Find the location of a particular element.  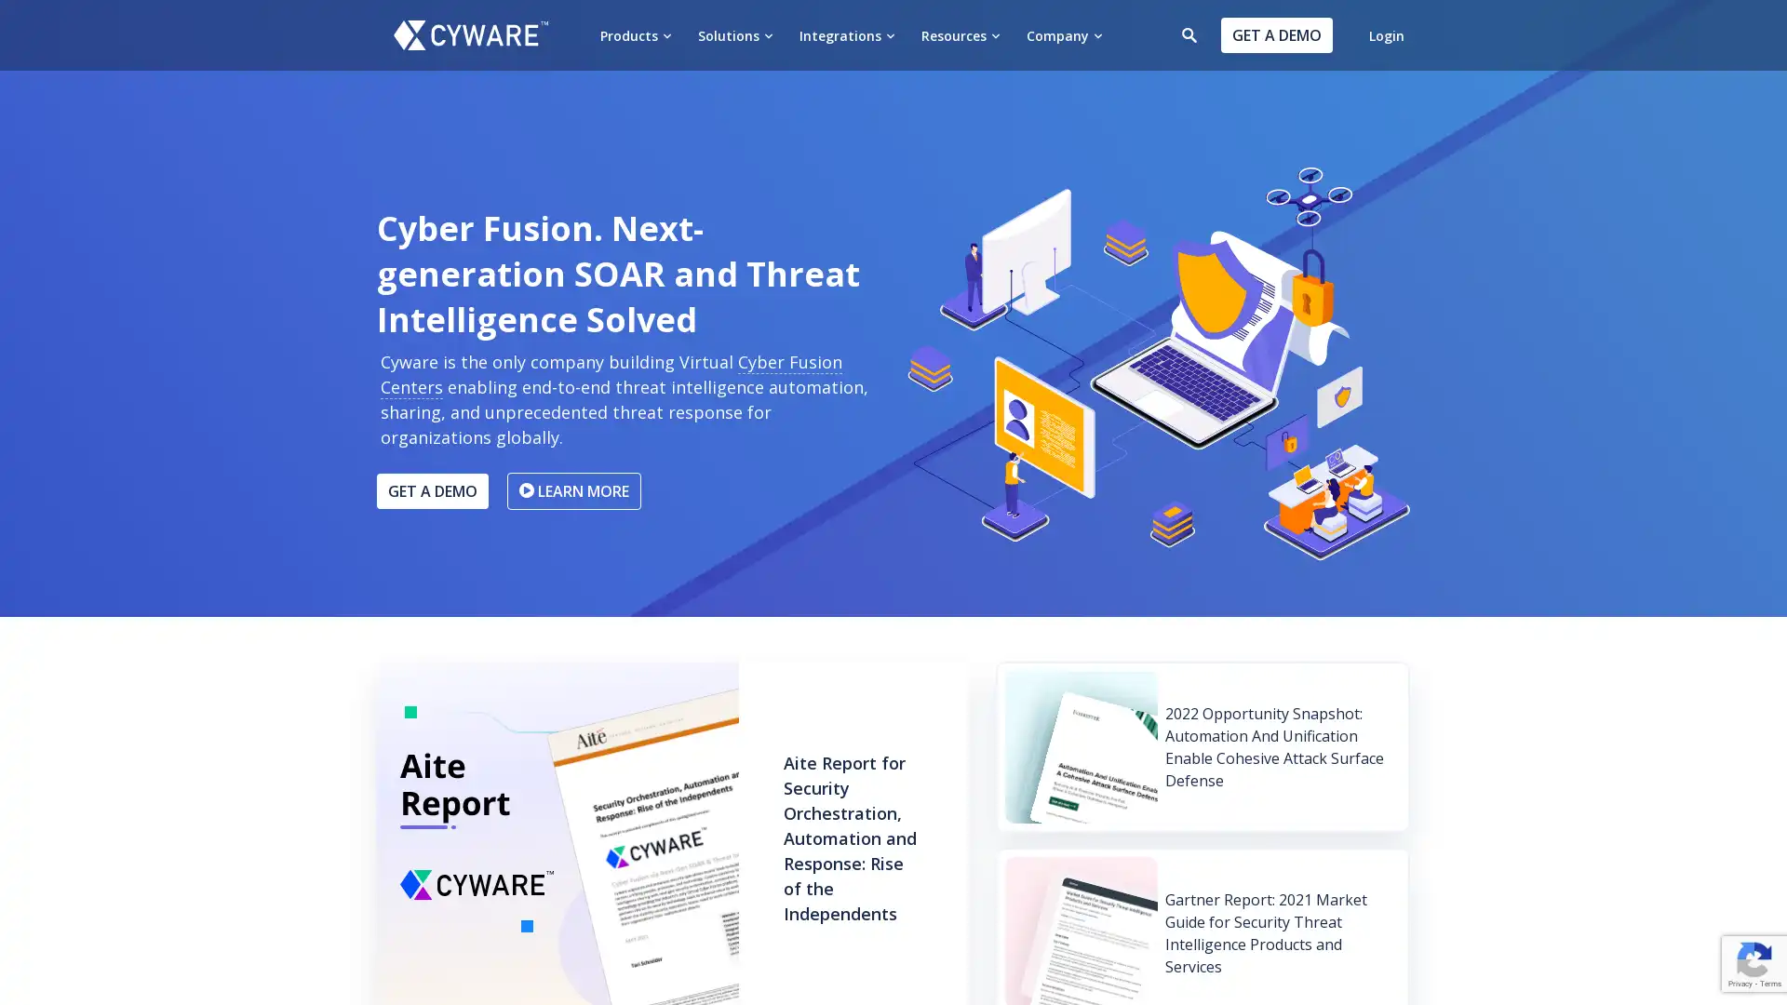

LEARN MORE is located at coordinates (573, 489).